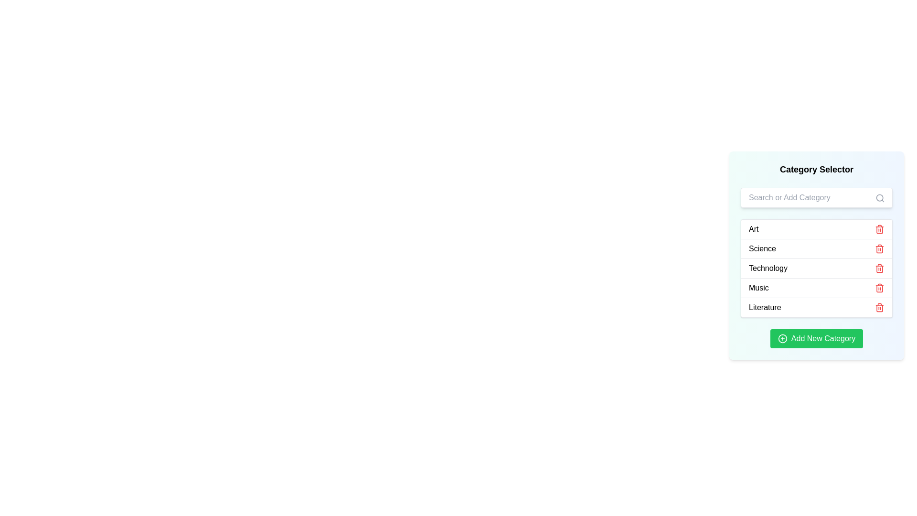 The width and height of the screenshot is (917, 516). What do you see at coordinates (879, 308) in the screenshot?
I see `the delete button for the 'Literature' category` at bounding box center [879, 308].